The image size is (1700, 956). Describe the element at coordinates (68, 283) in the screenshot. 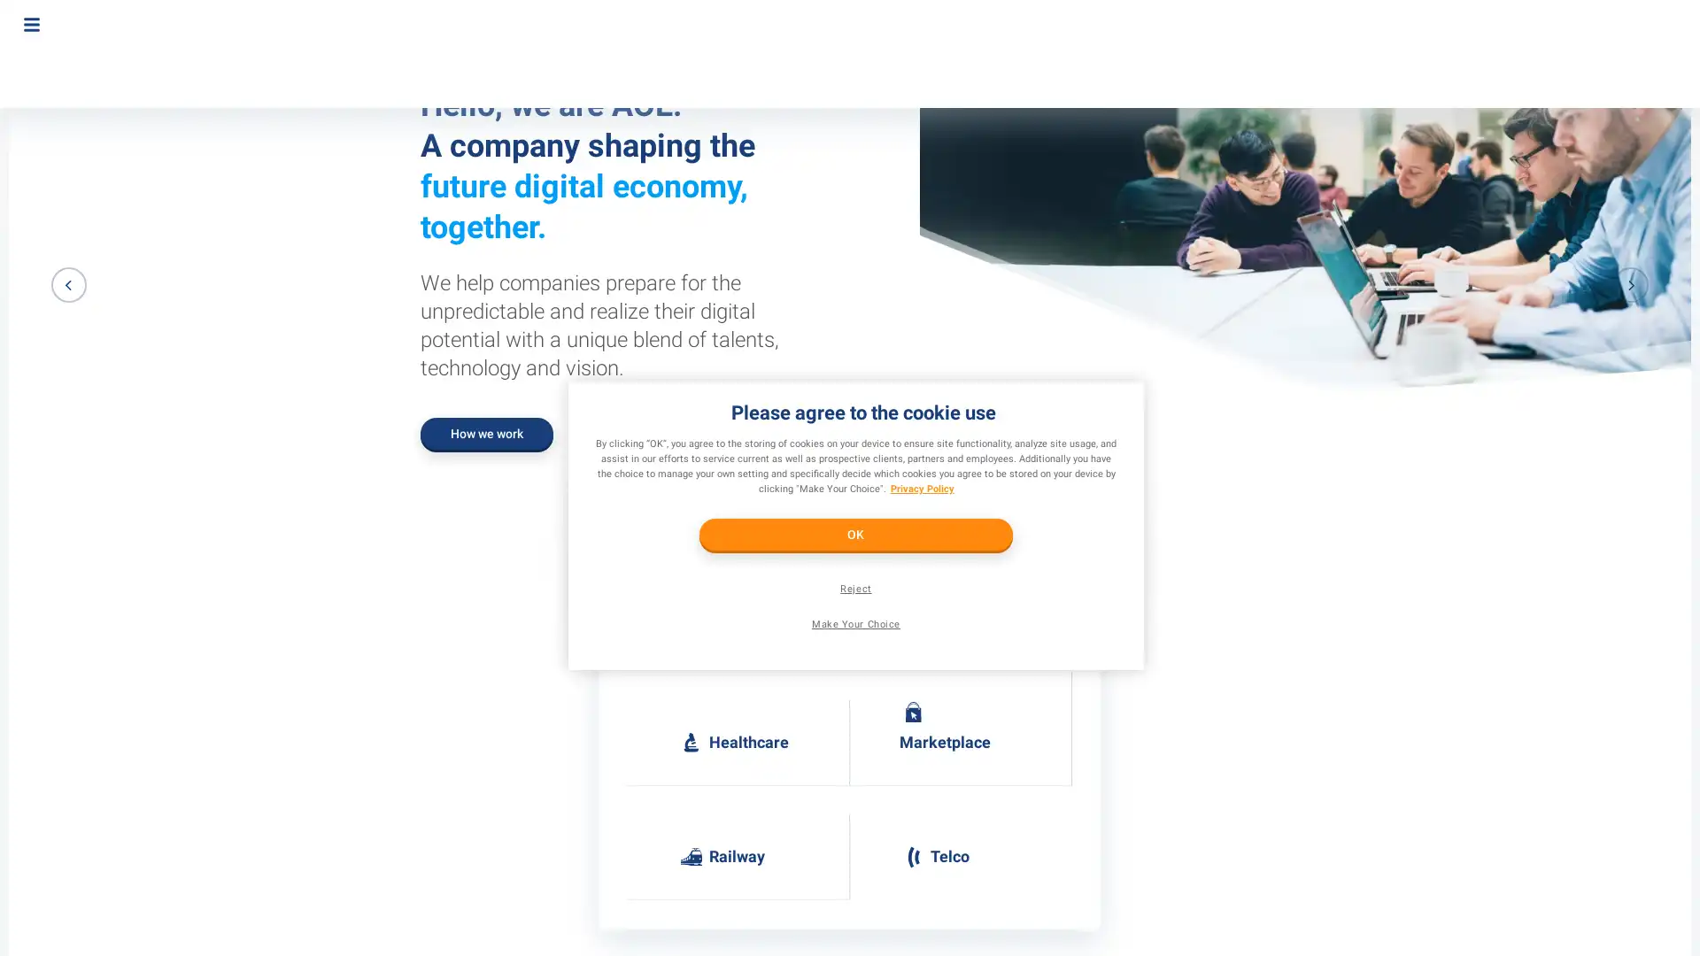

I see `Previous` at that location.